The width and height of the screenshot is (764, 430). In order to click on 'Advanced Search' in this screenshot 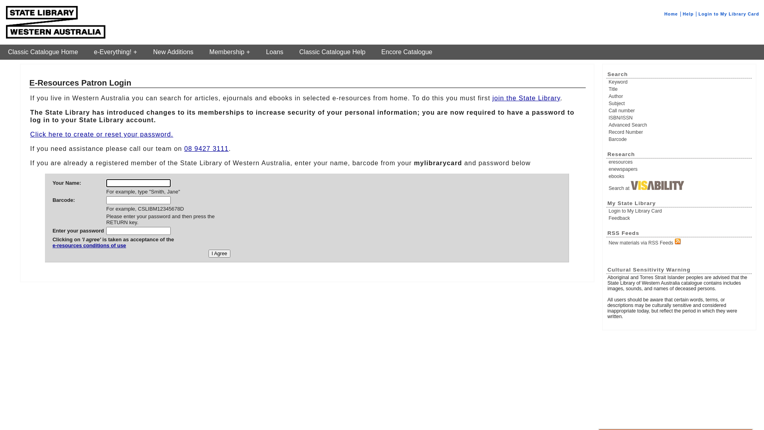, I will do `click(679, 125)`.